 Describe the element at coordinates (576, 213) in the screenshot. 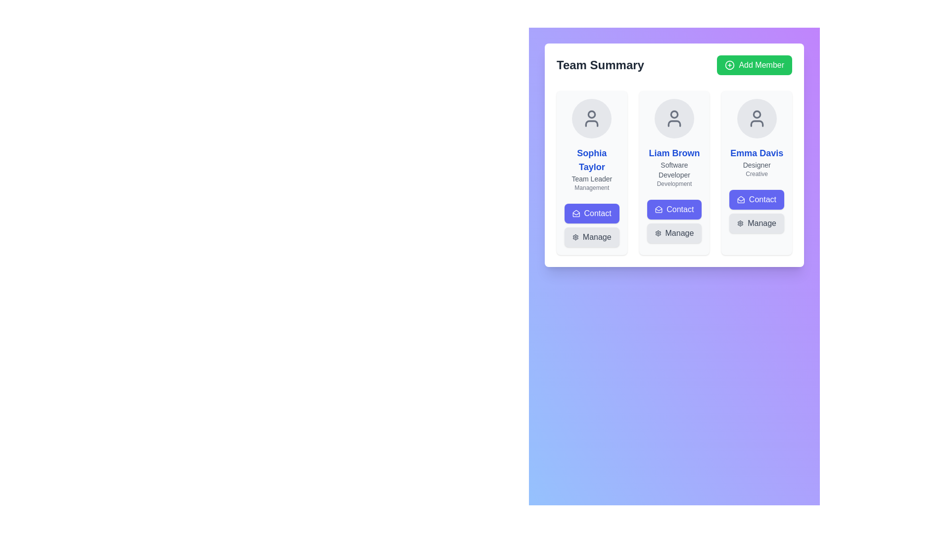

I see `the communication or email icon located at the leftmost position within the 'Contact' button` at that location.